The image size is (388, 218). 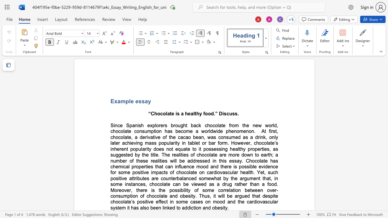 I want to click on the space between the continuous character "o" and "r" in the text, so click(x=114, y=172).